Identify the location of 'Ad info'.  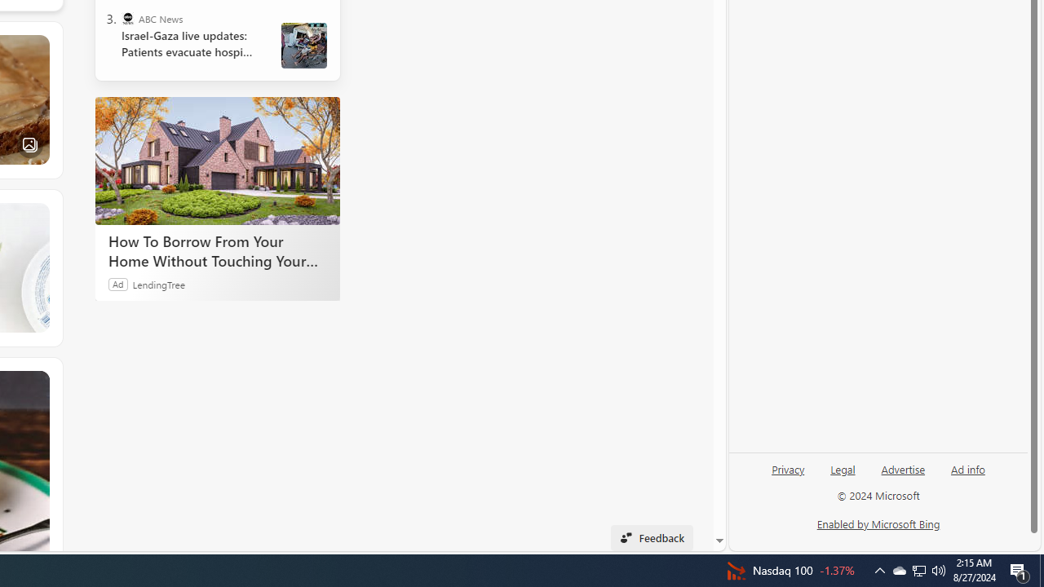
(967, 475).